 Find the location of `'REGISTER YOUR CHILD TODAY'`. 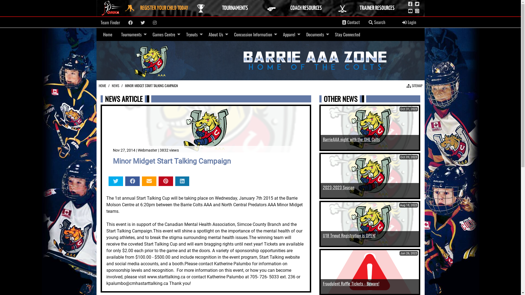

'REGISTER YOUR CHILD TODAY' is located at coordinates (158, 8).